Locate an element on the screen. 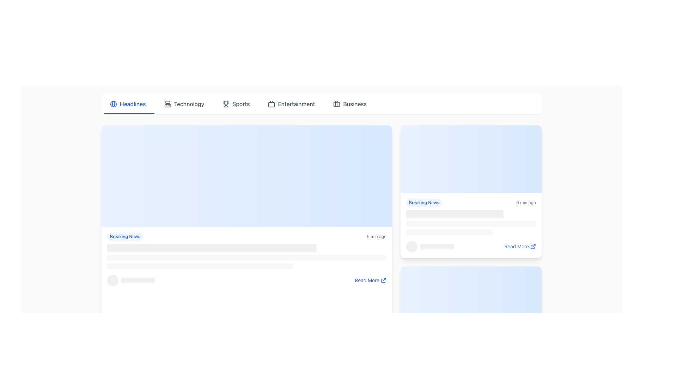 The height and width of the screenshot is (381, 677). the external link indicator icon located immediately to the right of the 'Read More' text at the bottom-right corner of the card-like section is located at coordinates (383, 280).